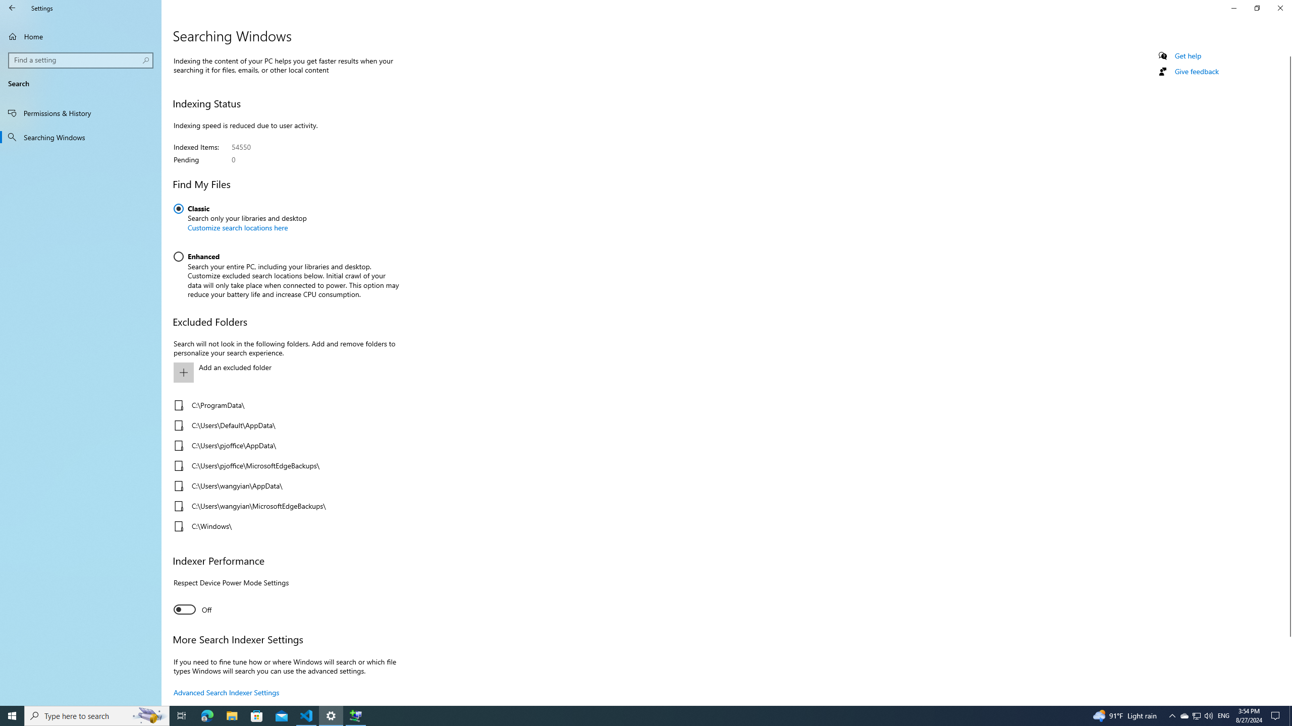 The height and width of the screenshot is (726, 1292). I want to click on 'Customize search locations here', so click(237, 227).